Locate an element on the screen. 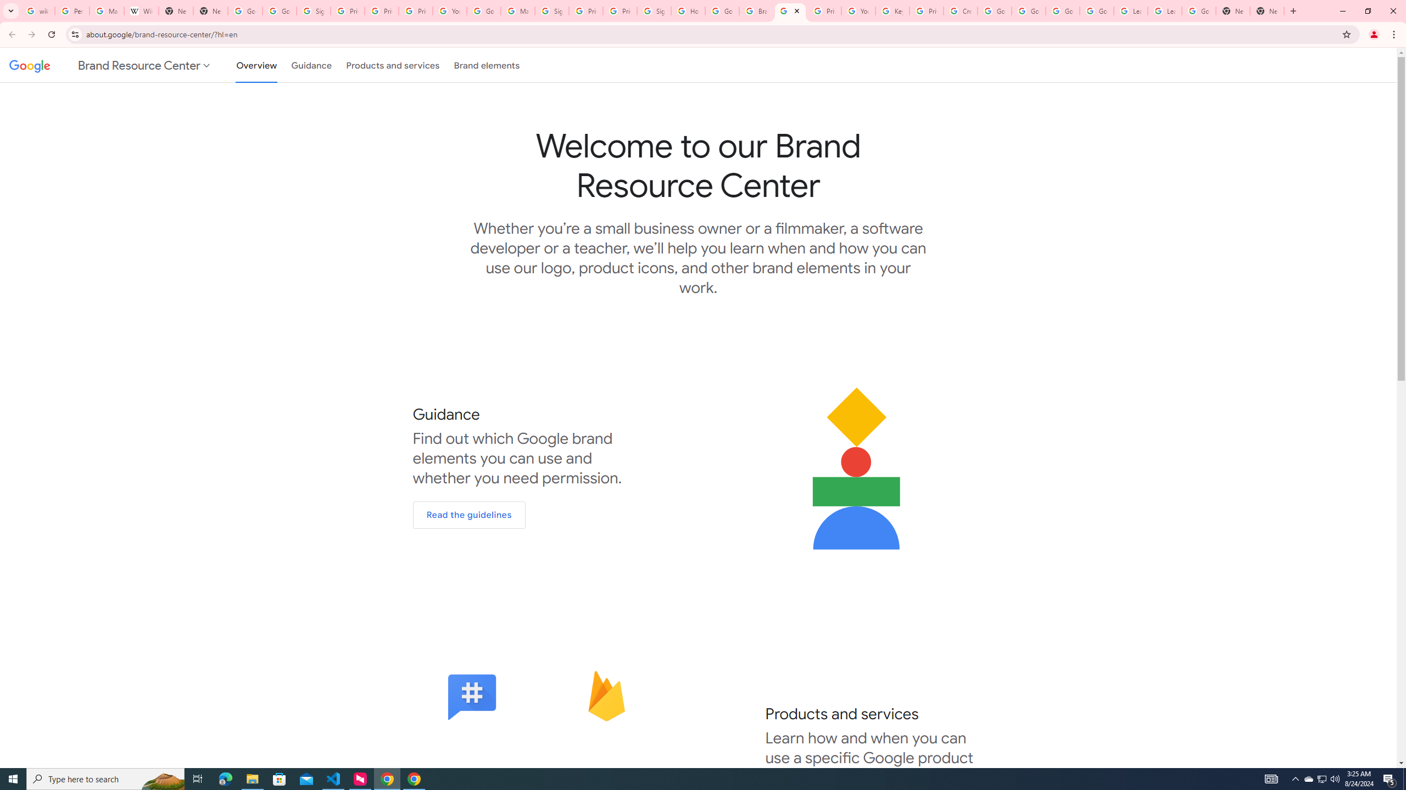  'Google site switcher' is located at coordinates (110, 65).